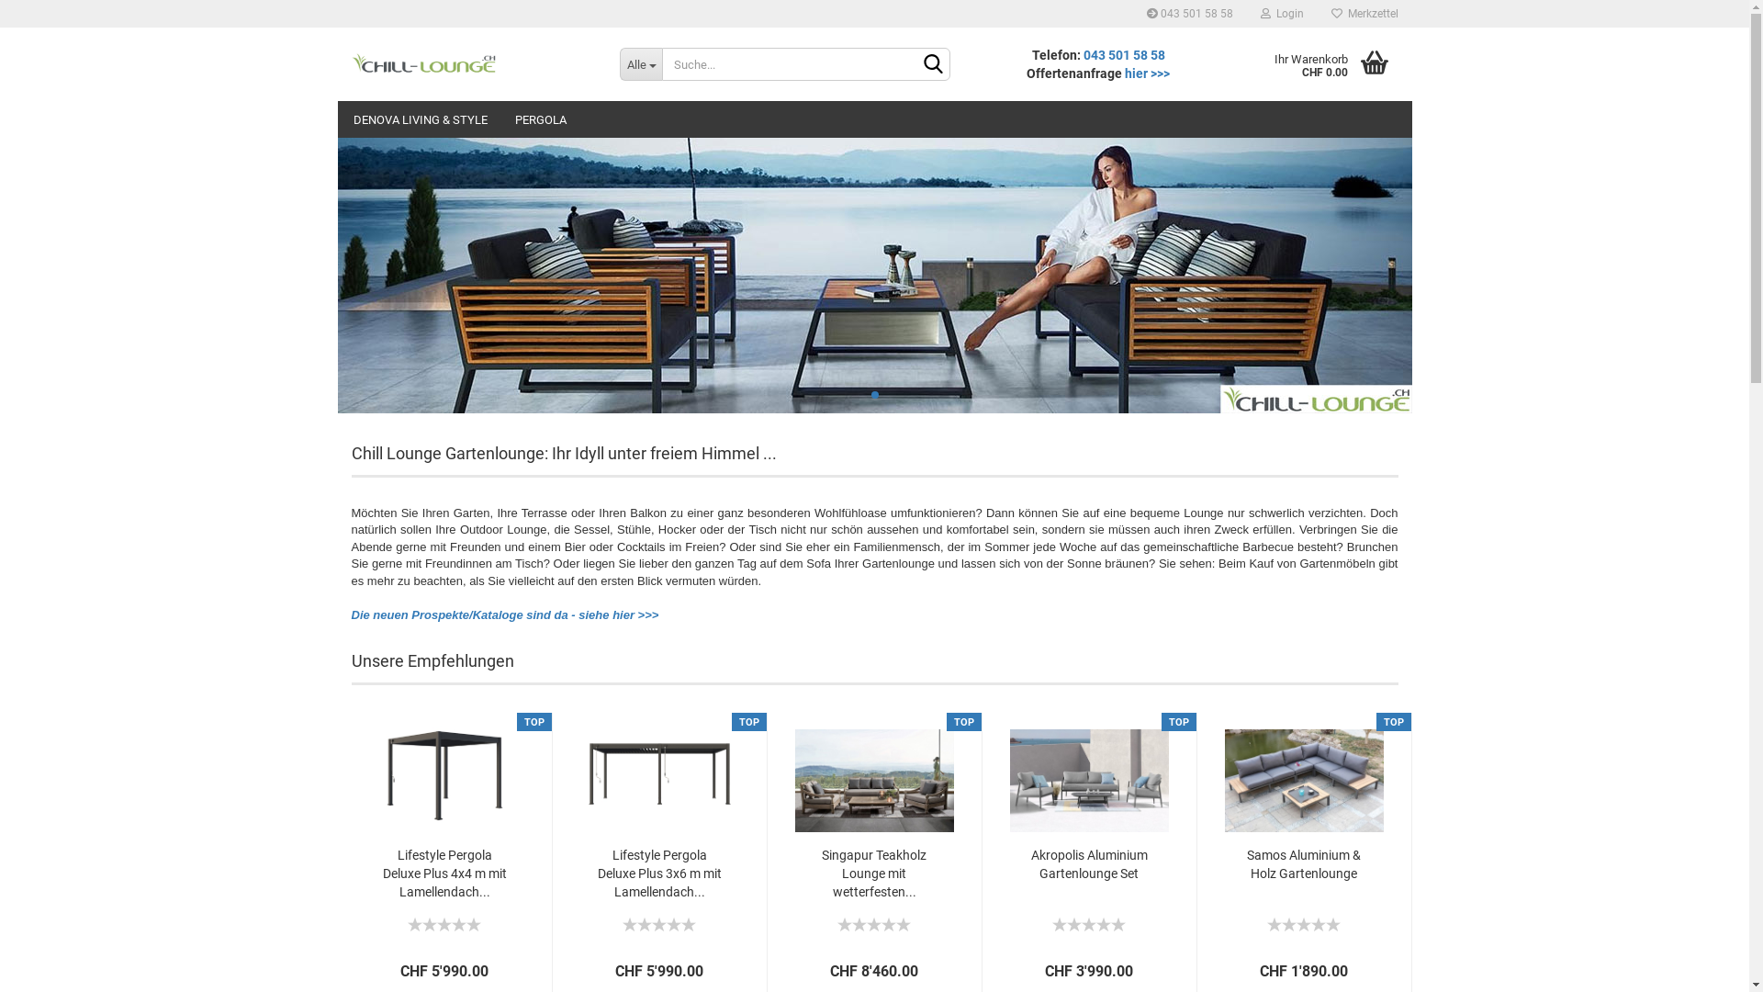 The width and height of the screenshot is (1763, 992). Describe the element at coordinates (658, 873) in the screenshot. I see `'Lifestyle Pergola Deluxe Plus 3x6 m mit Lamellendach...'` at that location.